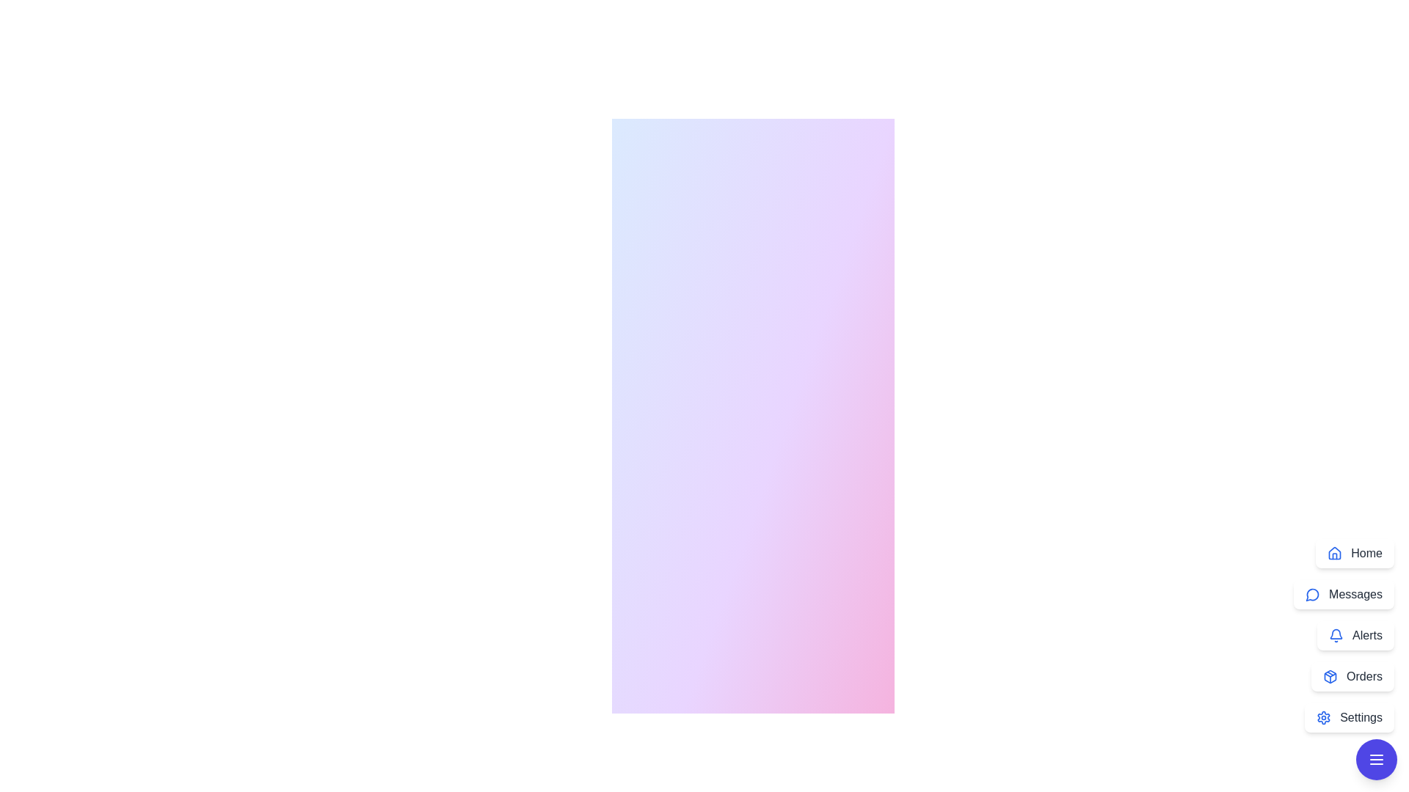 This screenshot has height=792, width=1409. Describe the element at coordinates (1354, 554) in the screenshot. I see `the menu option Home` at that location.